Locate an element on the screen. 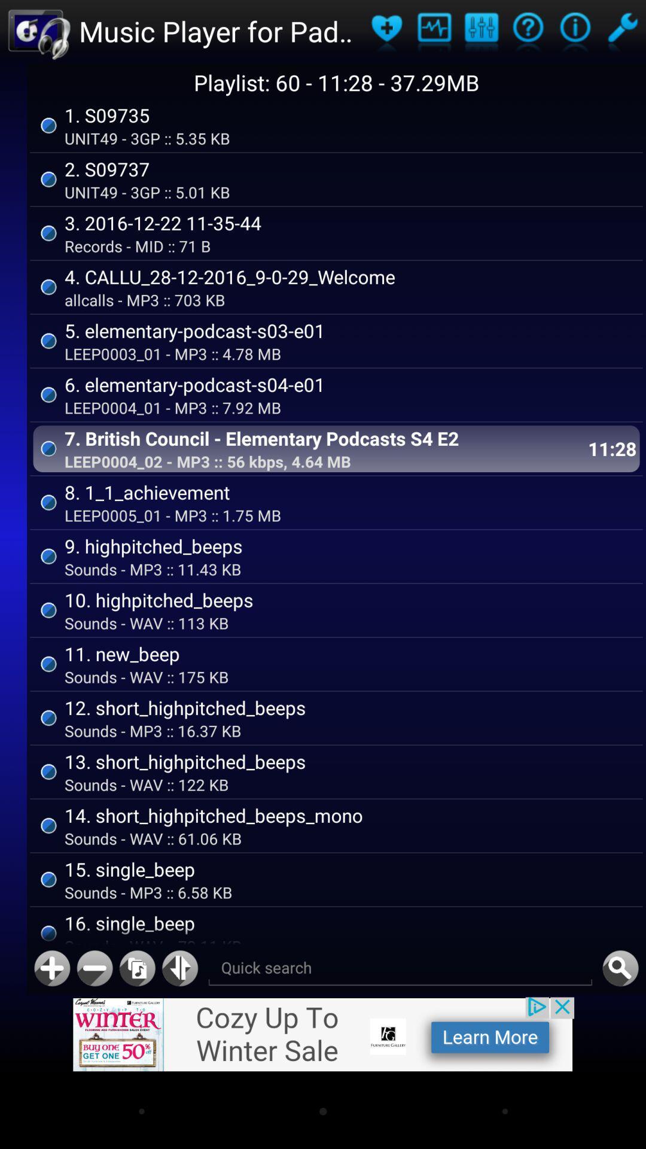  the favorite icon is located at coordinates (386, 33).